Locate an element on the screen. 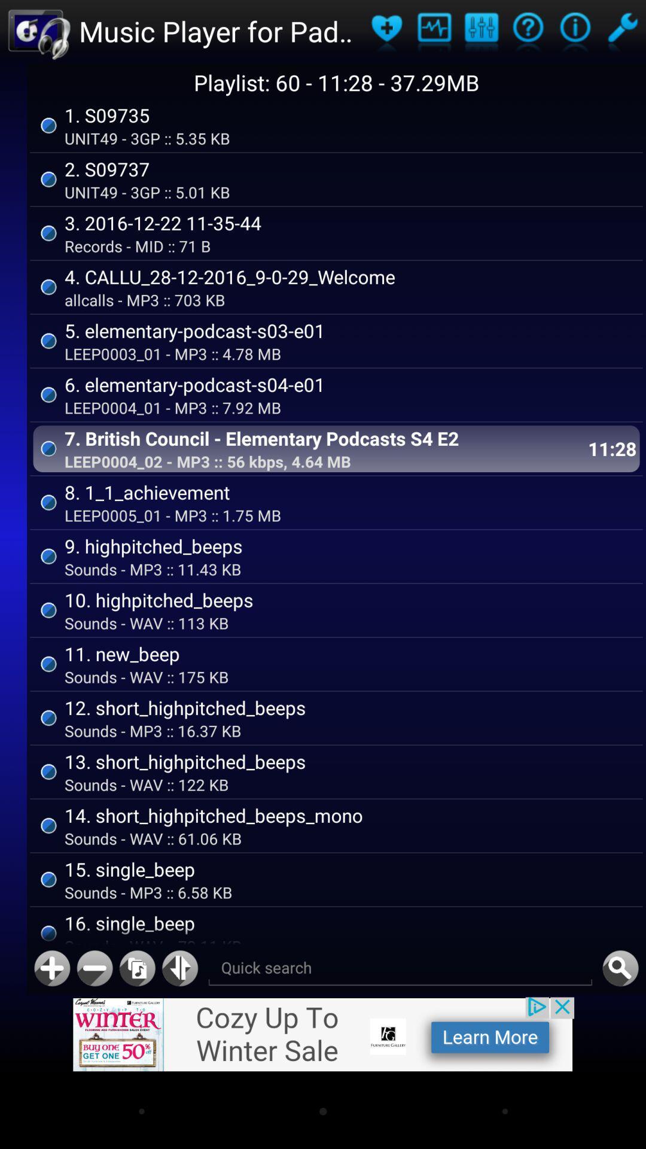  the favorite icon is located at coordinates (386, 33).